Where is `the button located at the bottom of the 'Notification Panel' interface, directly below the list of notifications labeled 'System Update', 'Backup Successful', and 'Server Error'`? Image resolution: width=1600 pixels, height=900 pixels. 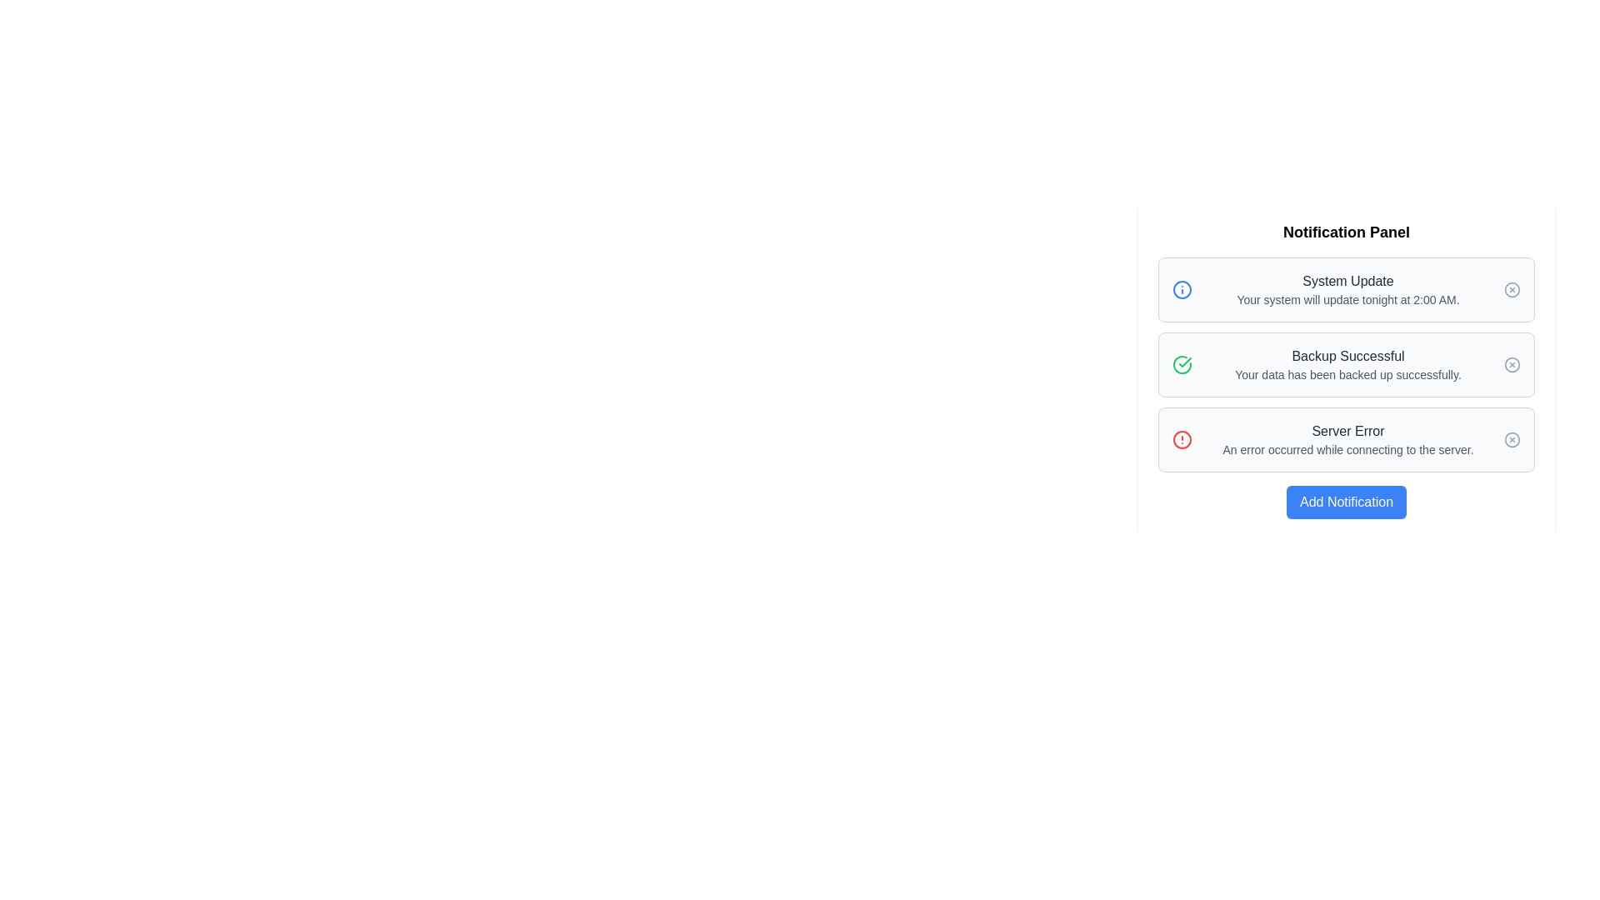
the button located at the bottom of the 'Notification Panel' interface, directly below the list of notifications labeled 'System Update', 'Backup Successful', and 'Server Error' is located at coordinates (1347, 501).